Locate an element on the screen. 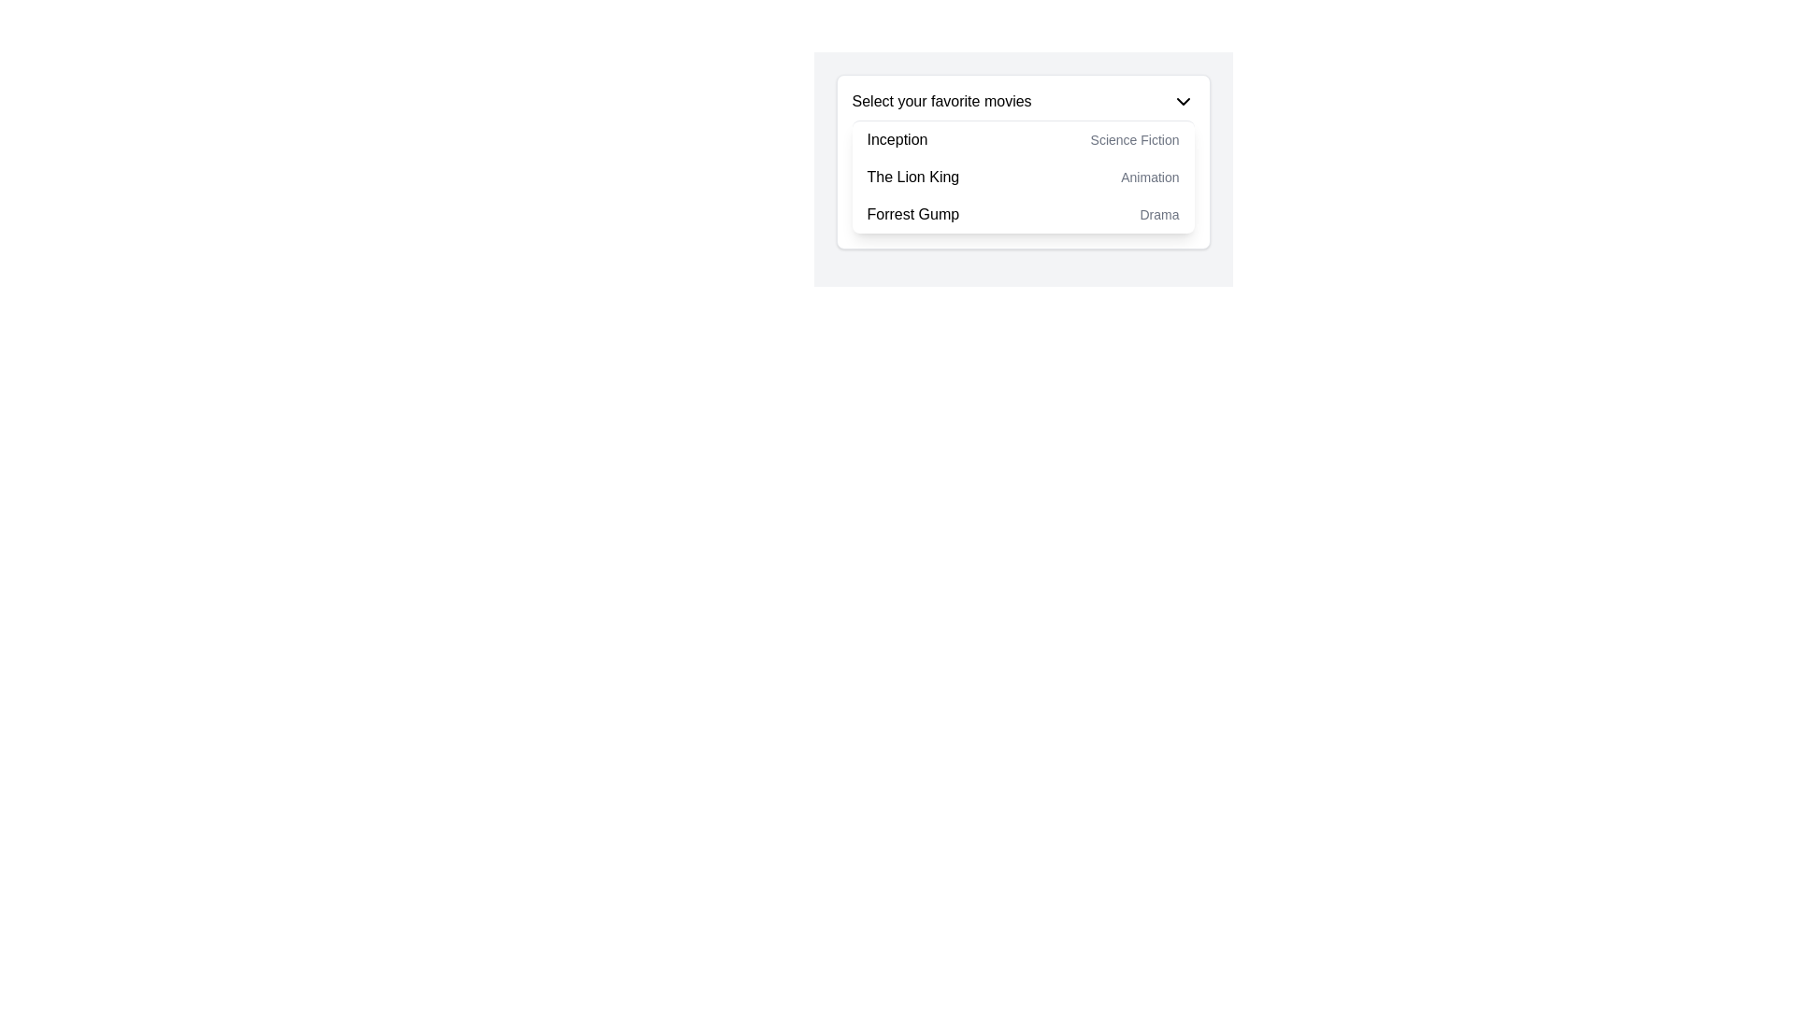 Image resolution: width=1795 pixels, height=1009 pixels. the list item displaying 'The Lion King' in the dropdown menu is located at coordinates (1022, 177).